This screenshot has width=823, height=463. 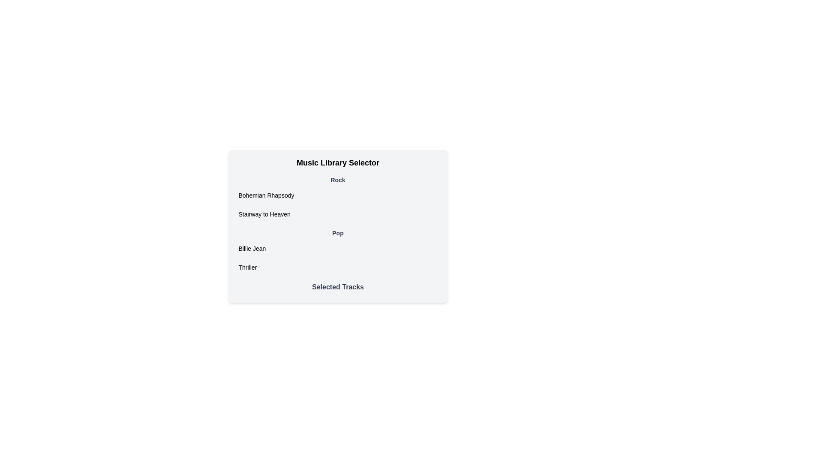 I want to click on the text label displaying 'Thriller', which is located, so click(x=247, y=267).